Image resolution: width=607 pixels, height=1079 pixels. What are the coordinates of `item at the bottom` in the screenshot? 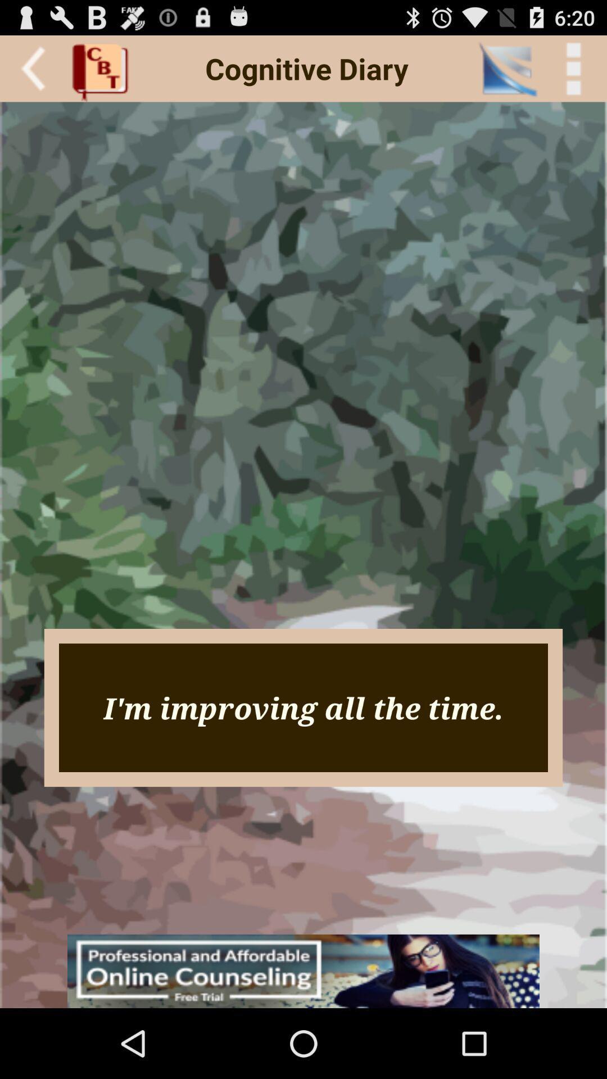 It's located at (303, 971).